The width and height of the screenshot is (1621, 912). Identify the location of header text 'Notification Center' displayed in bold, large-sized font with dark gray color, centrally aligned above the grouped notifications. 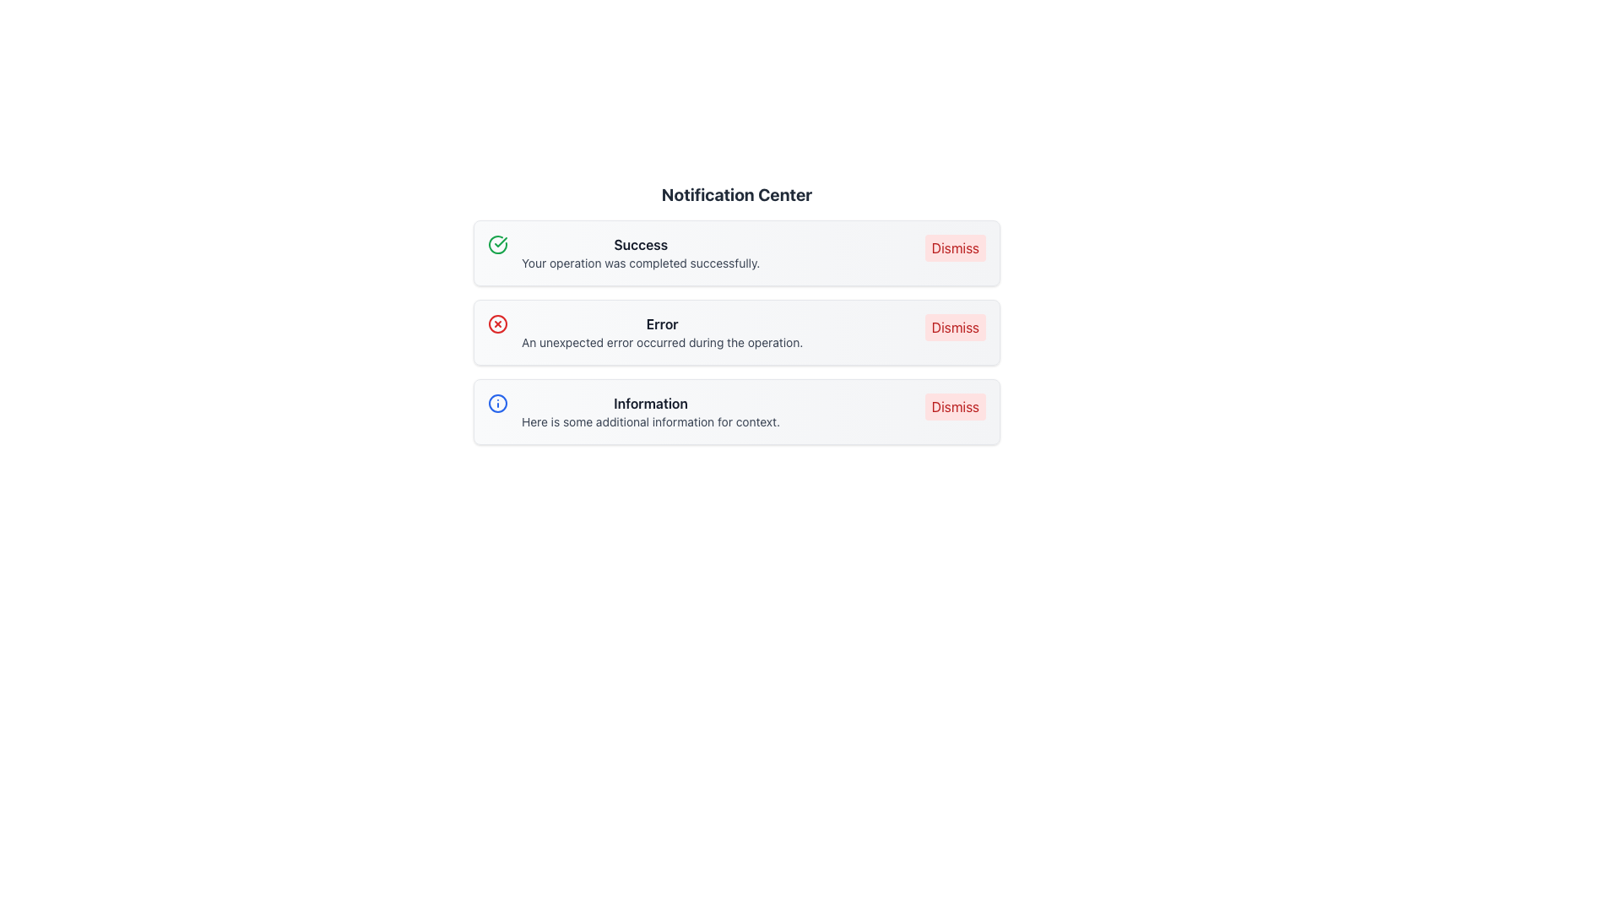
(737, 194).